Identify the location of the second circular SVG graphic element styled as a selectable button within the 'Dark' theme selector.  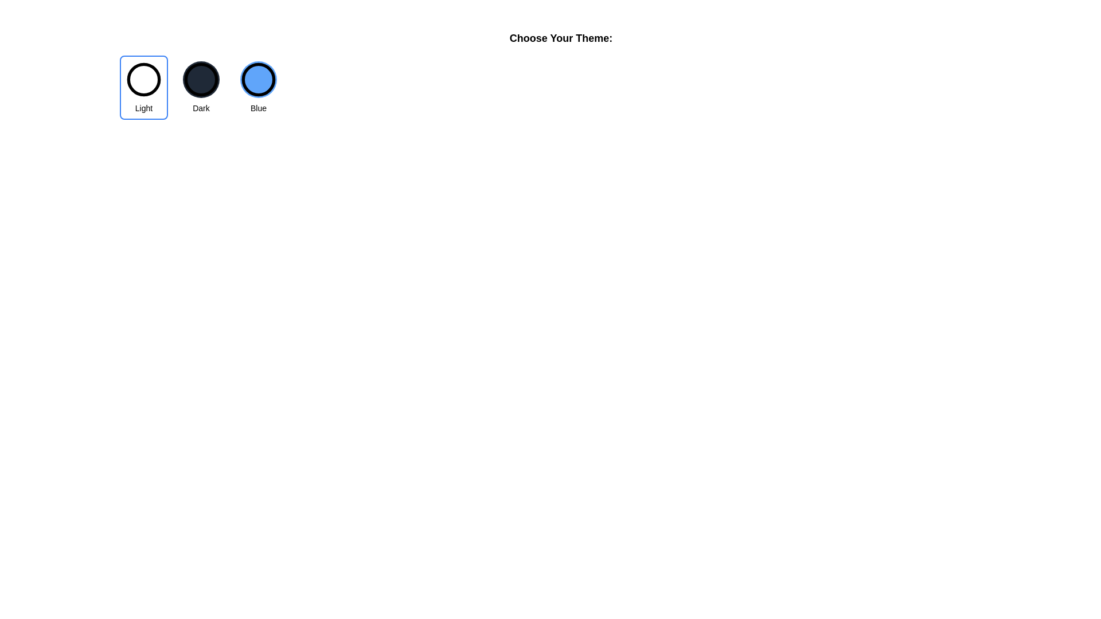
(201, 79).